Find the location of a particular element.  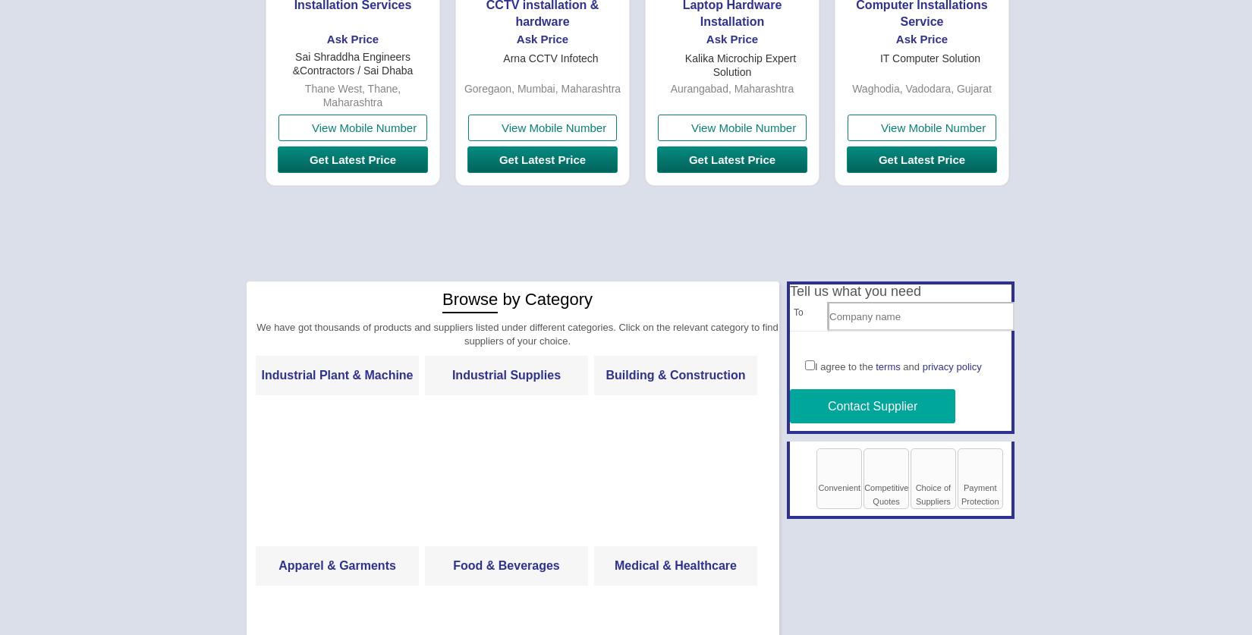

'Food & Beverages' is located at coordinates (505, 564).